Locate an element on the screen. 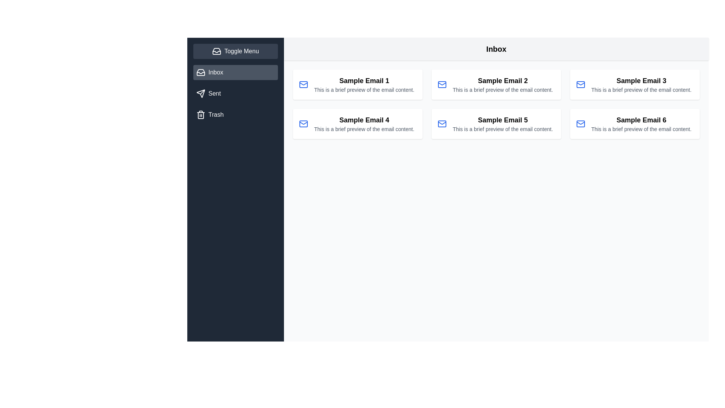  the second text element located below the title 'Sample Email 3' in the third email preview card of a grid layout is located at coordinates (641, 90).